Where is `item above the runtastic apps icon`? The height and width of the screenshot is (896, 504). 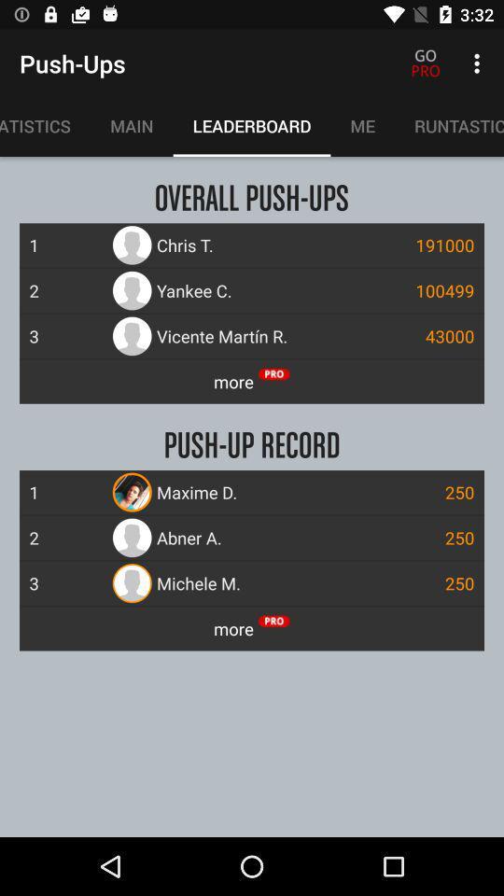
item above the runtastic apps icon is located at coordinates (479, 63).